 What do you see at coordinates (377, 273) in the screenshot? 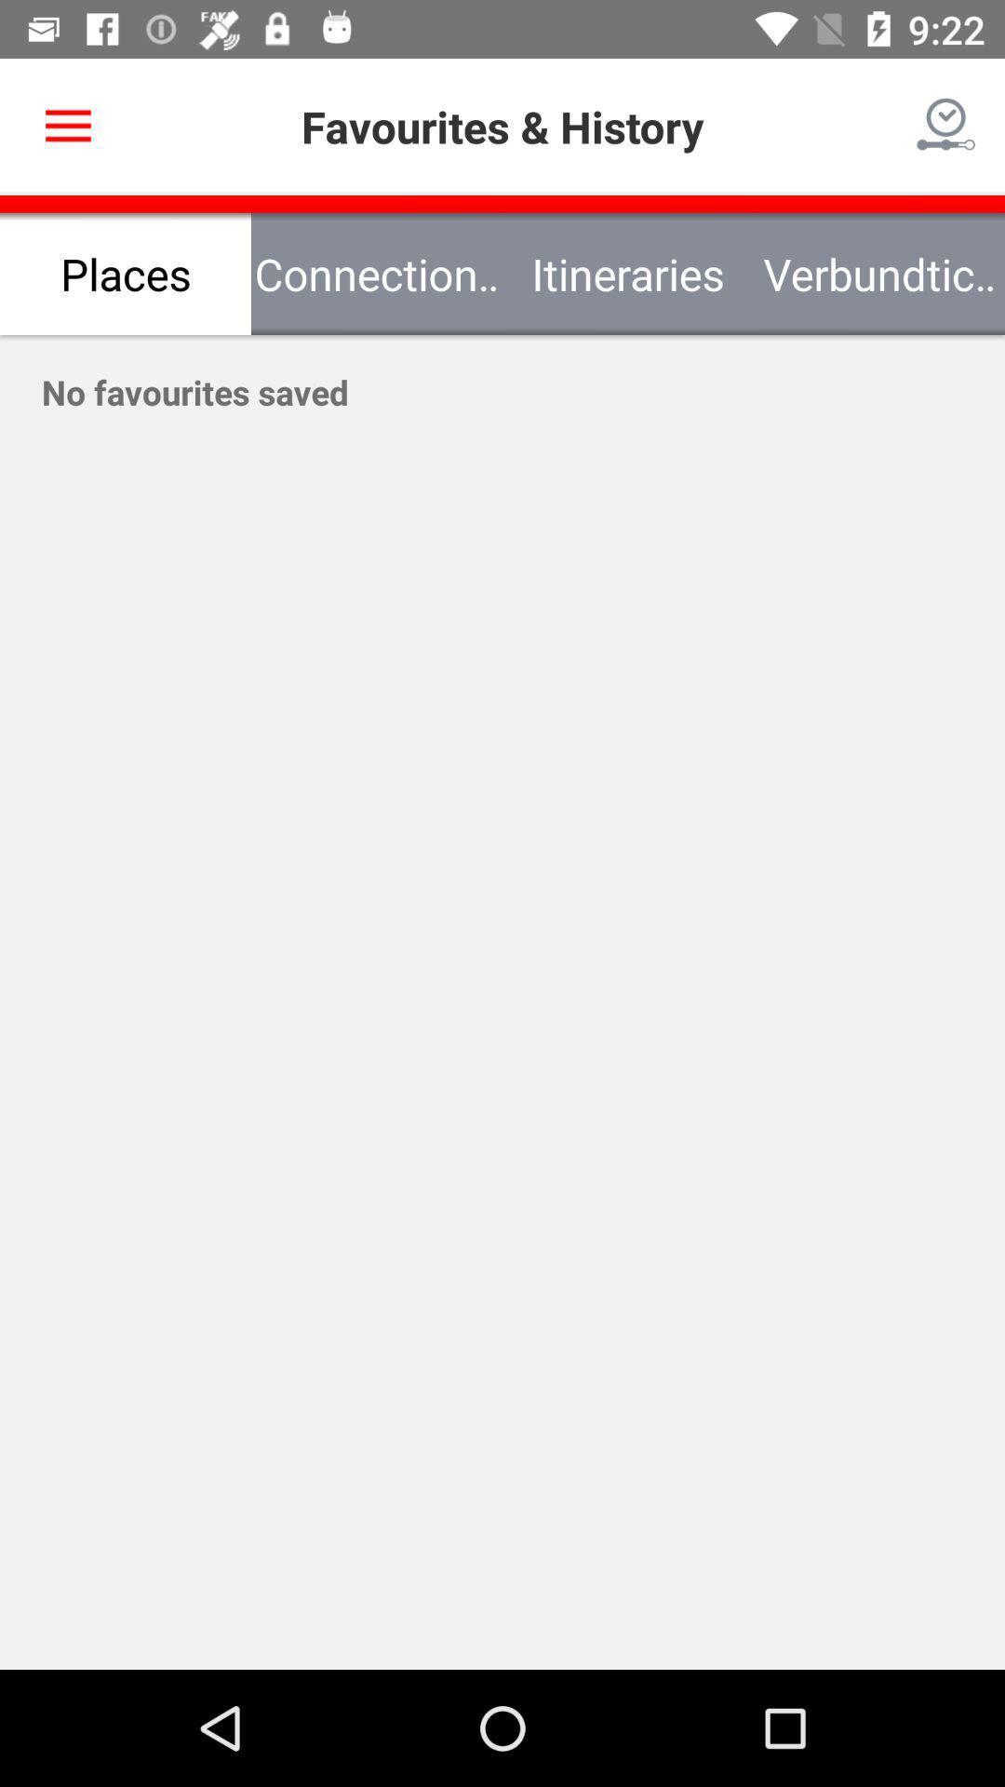
I see `the item next to itineraries item` at bounding box center [377, 273].